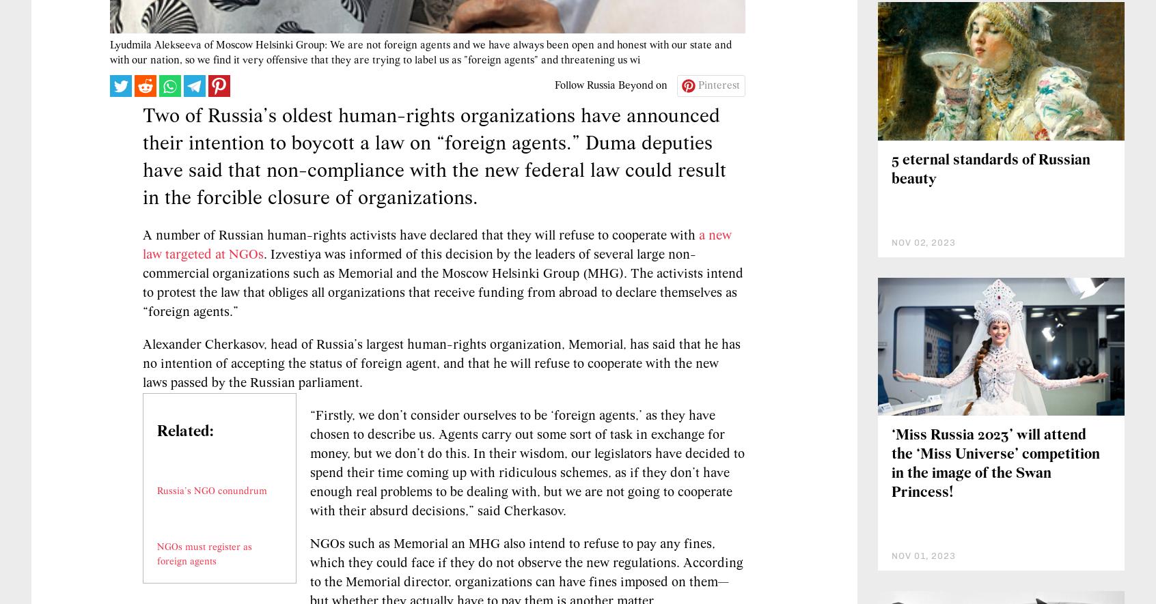 The image size is (1156, 604). Describe the element at coordinates (443, 364) in the screenshot. I see `'. Izvestiya was informed of this decision by the leaders of several large non-commercial organizations such as Memorial and the Moscow Helsinki Group (MHG). The activists intend to protest the law that obliges all organizations that receive funding from abroad to declare themselves as “foreign agents.”'` at that location.